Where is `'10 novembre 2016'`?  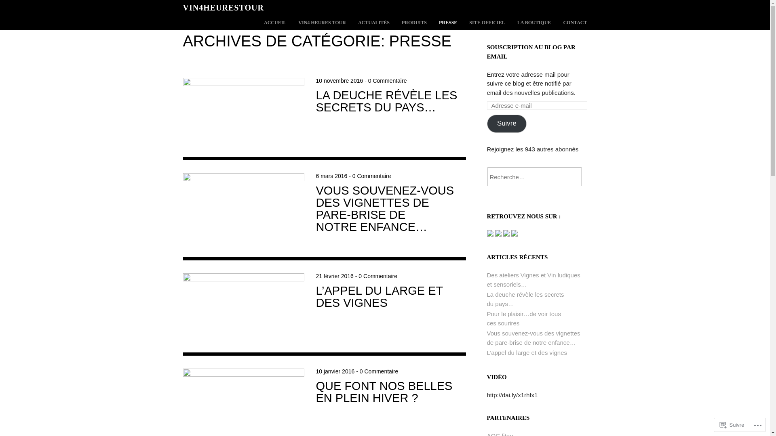 '10 novembre 2016' is located at coordinates (339, 81).